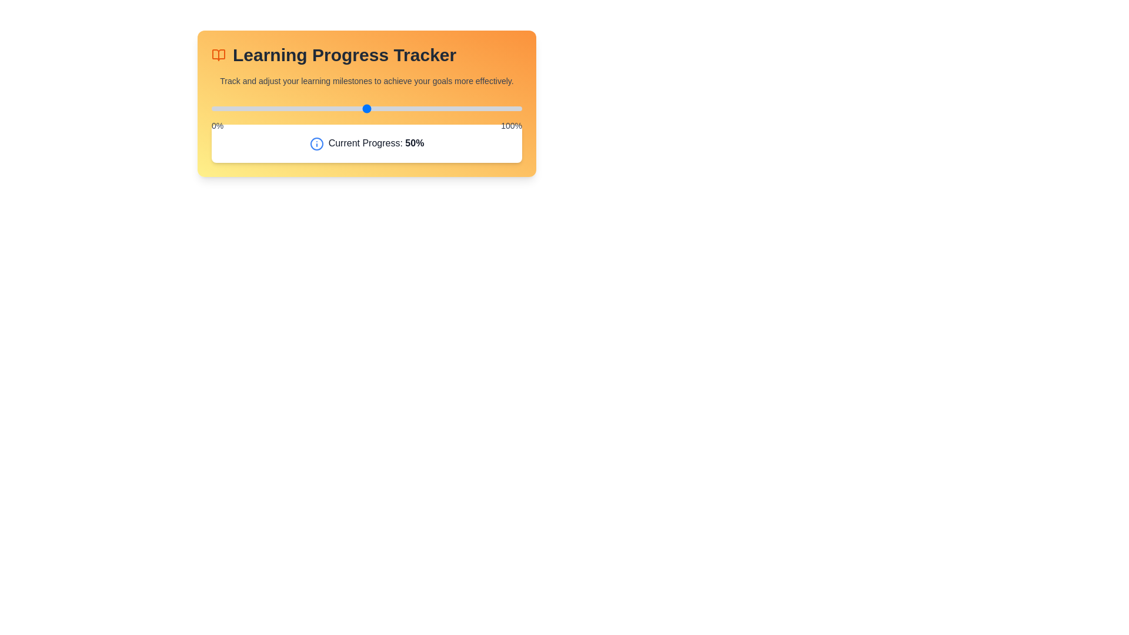 This screenshot has height=635, width=1129. I want to click on the slider to set progress to 76%, so click(447, 109).